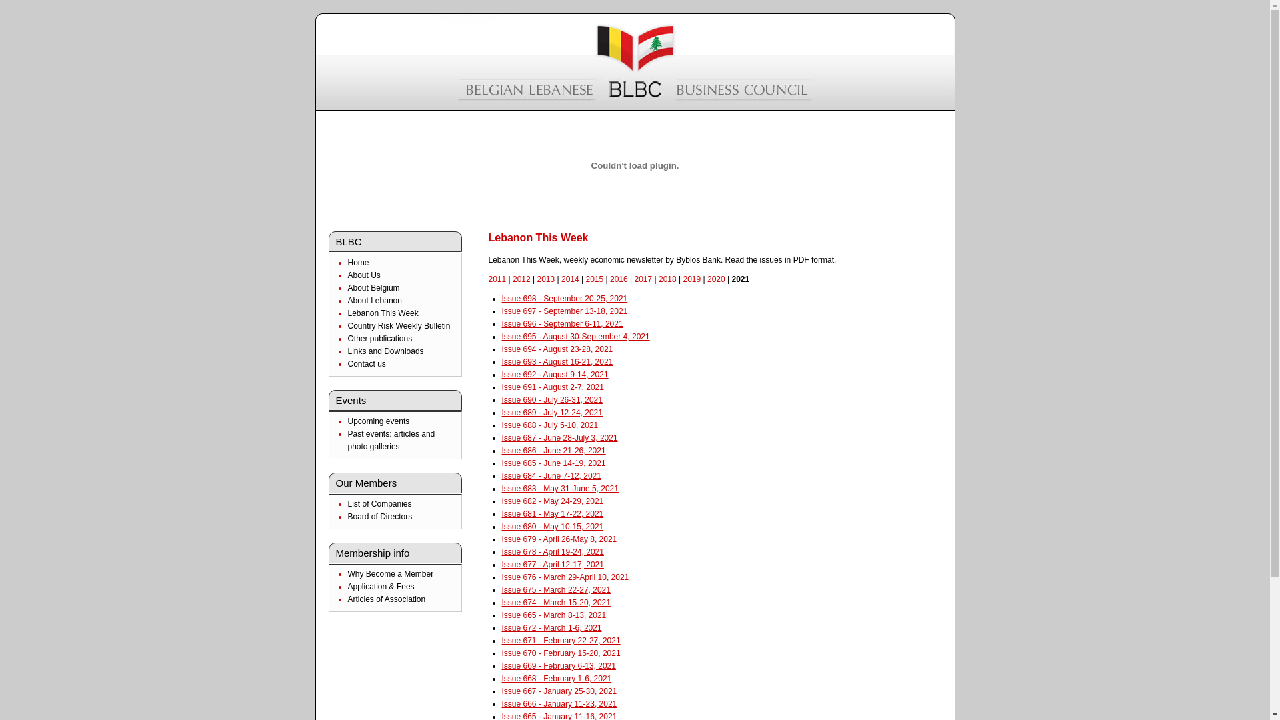 Image resolution: width=1280 pixels, height=720 pixels. Describe the element at coordinates (552, 501) in the screenshot. I see `'Issue 682 - May 24-29, 2021'` at that location.